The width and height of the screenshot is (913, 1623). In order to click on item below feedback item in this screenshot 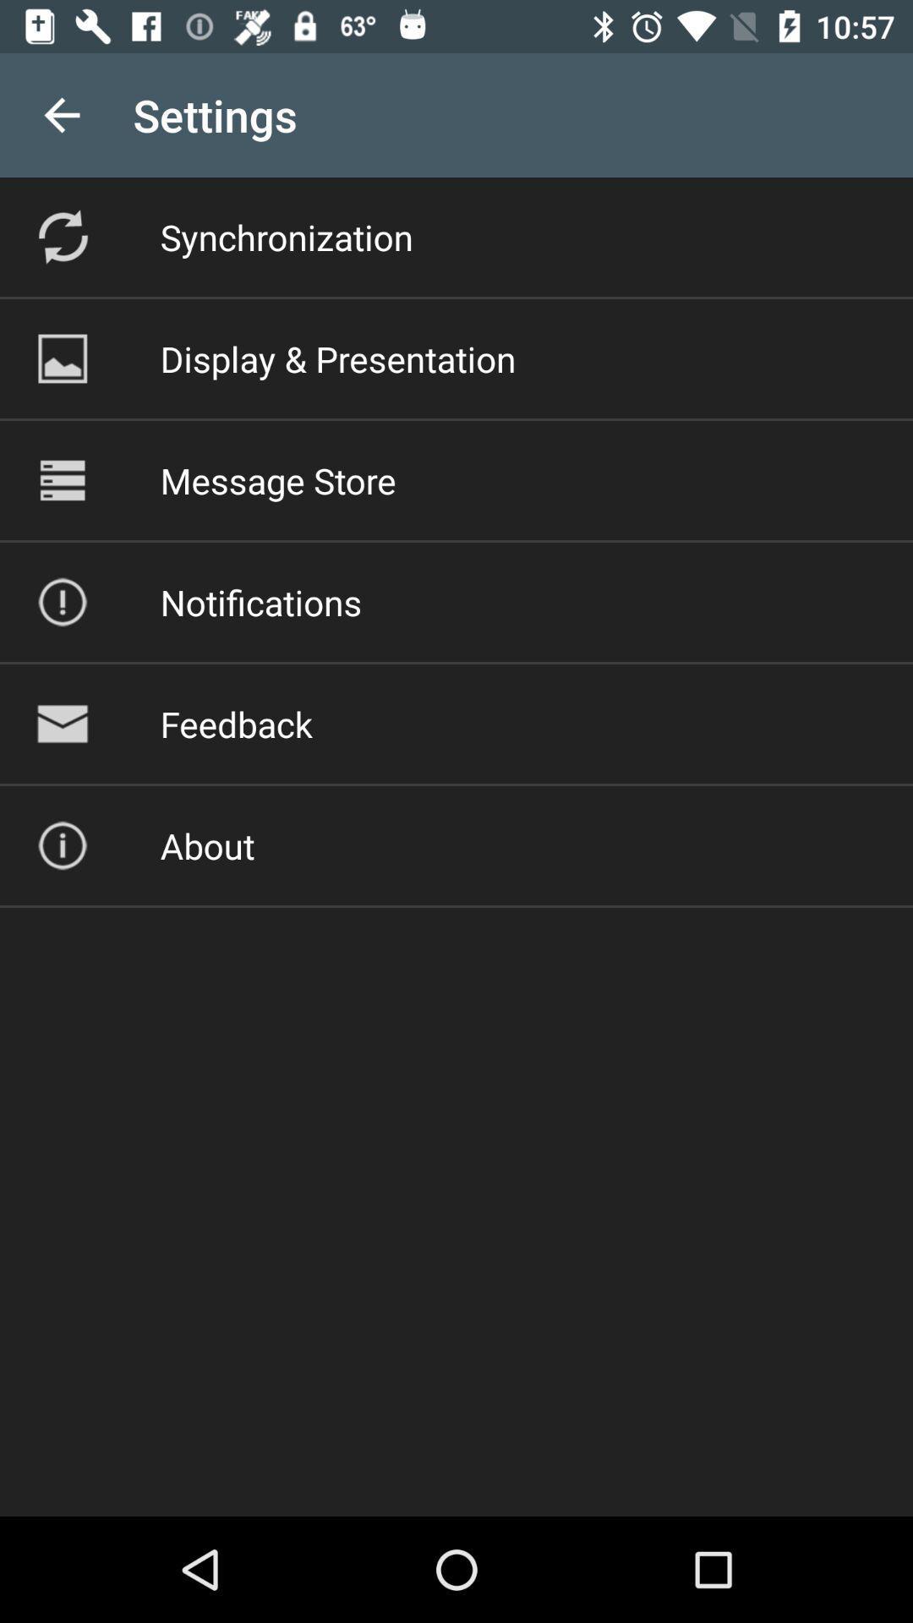, I will do `click(206, 845)`.